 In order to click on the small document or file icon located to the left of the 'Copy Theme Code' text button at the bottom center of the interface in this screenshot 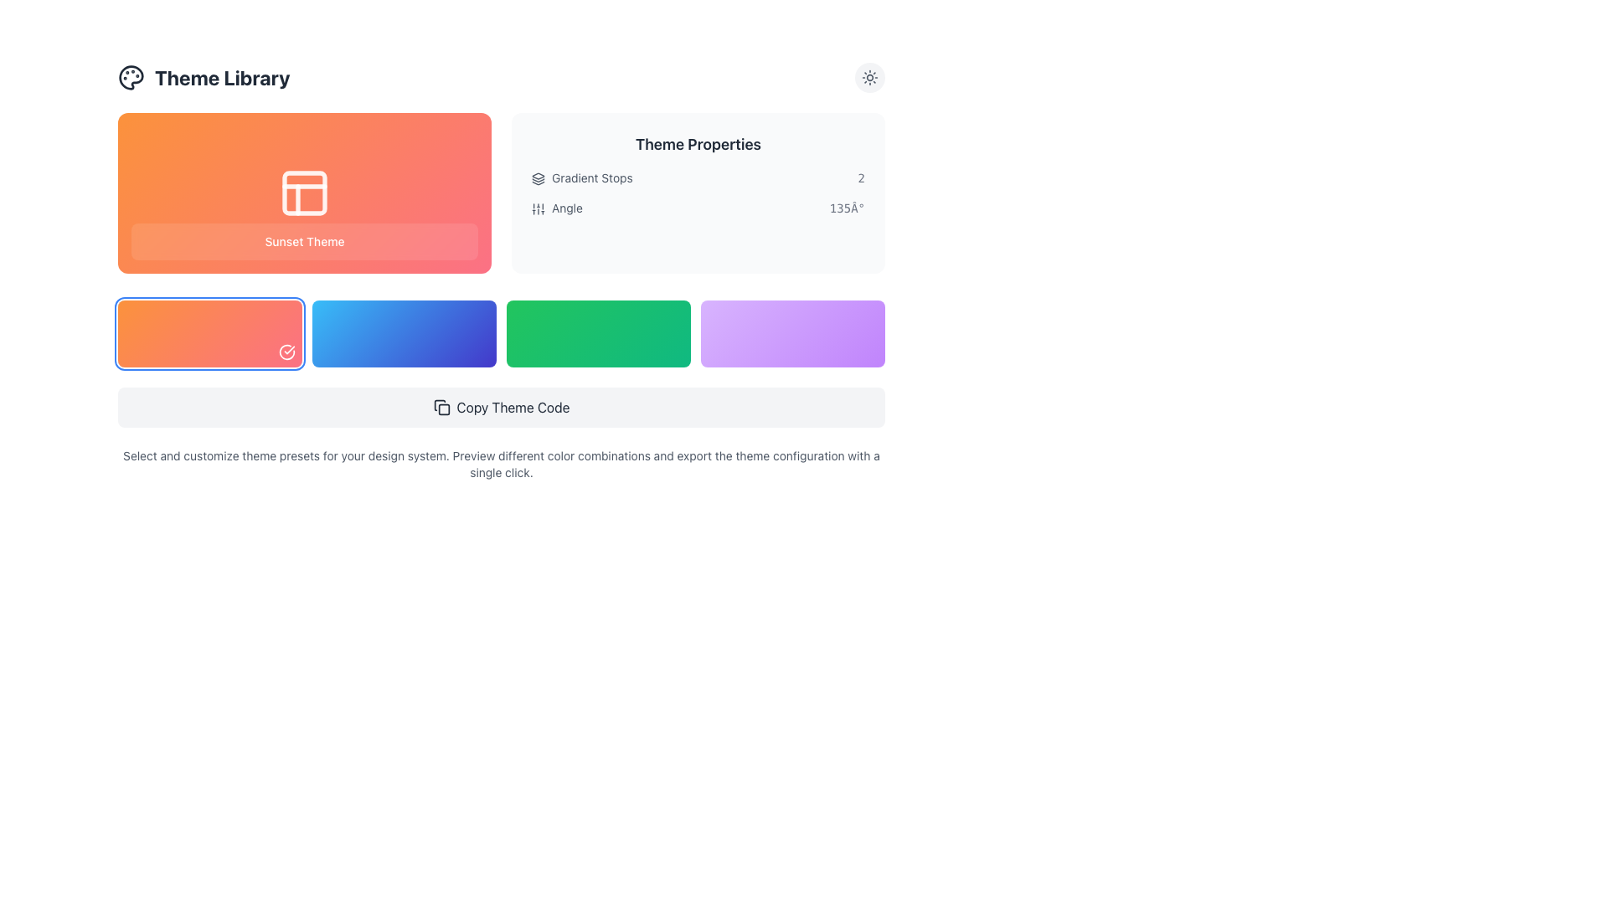, I will do `click(441, 407)`.